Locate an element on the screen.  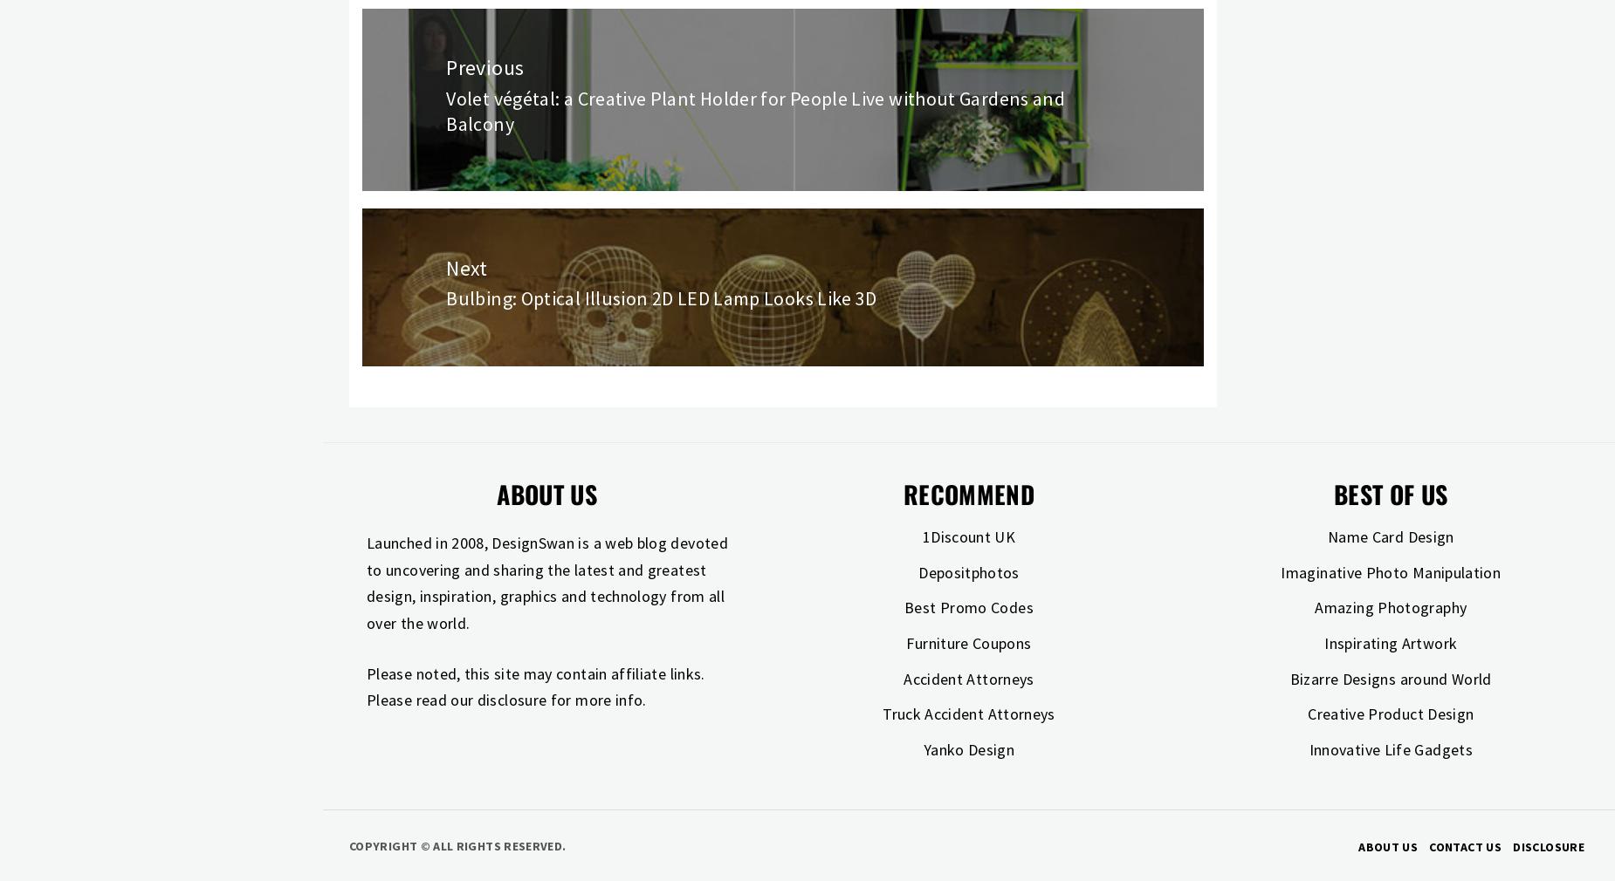
'Name Card Design' is located at coordinates (1390, 536).